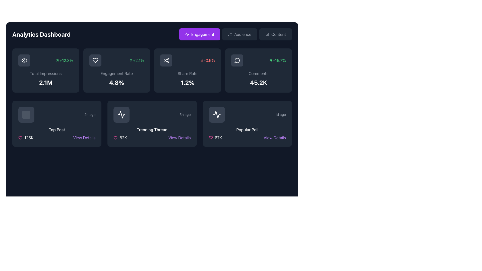  What do you see at coordinates (187, 71) in the screenshot?
I see `the Card element displaying a share icon, a red downward arrow with '-0.5%', 'Share Rate', and '1.2%' percentage prominently at the bottom` at bounding box center [187, 71].